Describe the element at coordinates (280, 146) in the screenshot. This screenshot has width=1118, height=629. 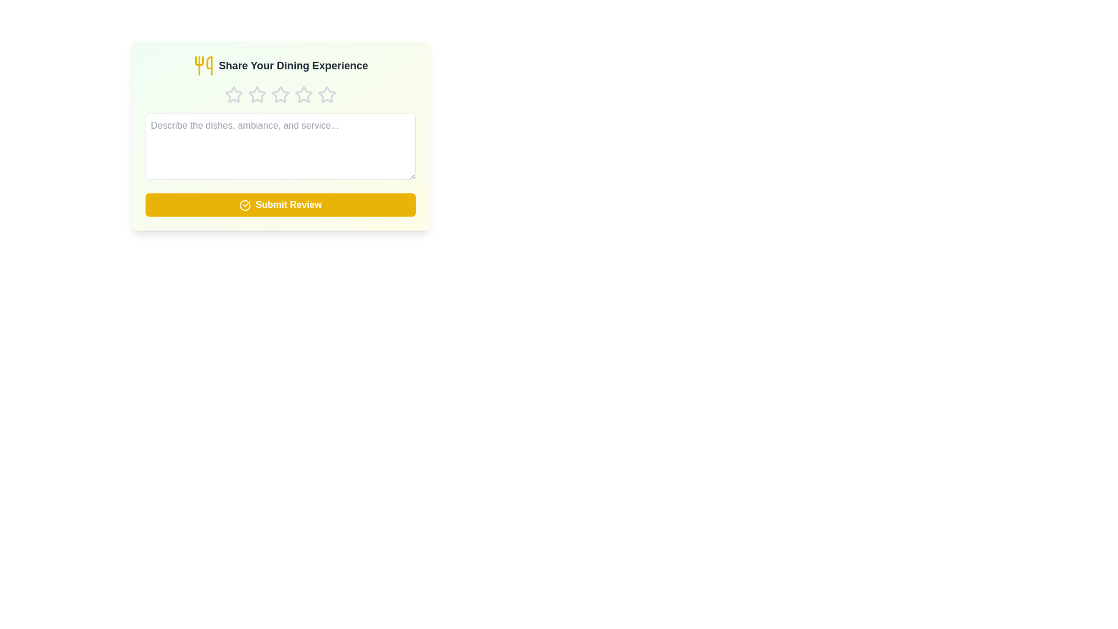
I see `the text area and type the review content` at that location.